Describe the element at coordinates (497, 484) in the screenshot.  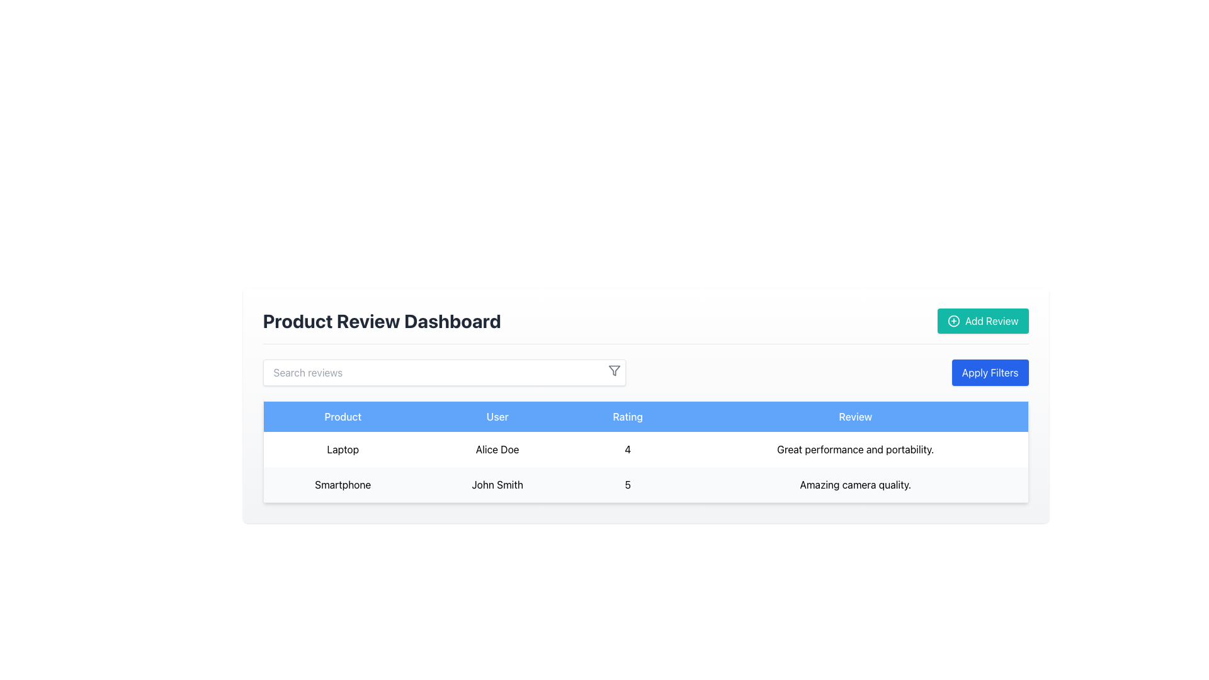
I see `the text cell that displays the name of the user associated with the product 'Smartphone' located in the second cell under the header 'User' in the table` at that location.